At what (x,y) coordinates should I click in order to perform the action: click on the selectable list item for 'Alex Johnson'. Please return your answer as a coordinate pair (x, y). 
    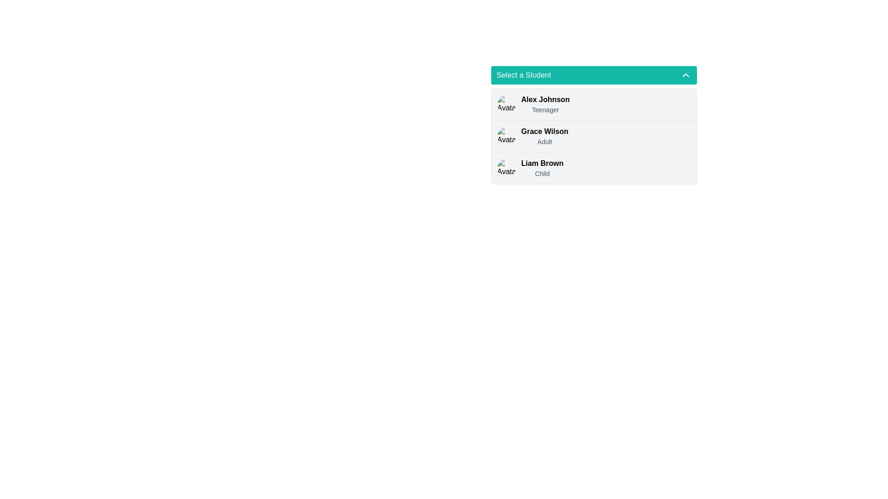
    Looking at the image, I should click on (545, 104).